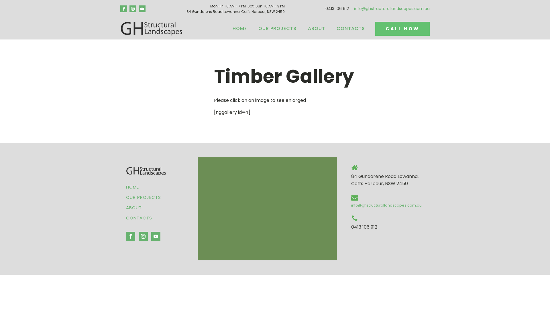 This screenshot has width=550, height=309. Describe the element at coordinates (239, 29) in the screenshot. I see `'HOME'` at that location.